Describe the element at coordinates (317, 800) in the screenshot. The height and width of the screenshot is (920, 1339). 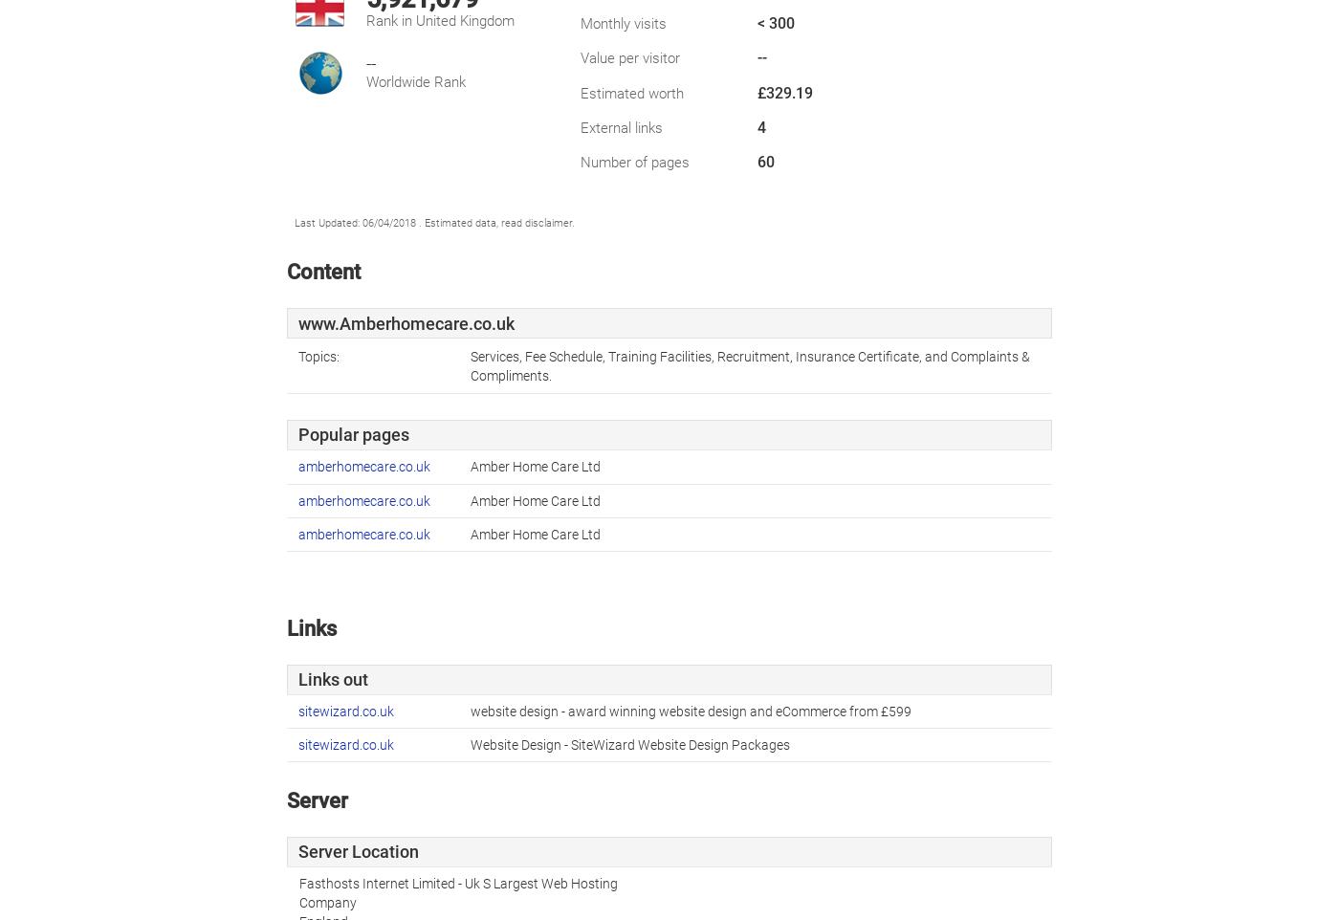
I see `'Server'` at that location.